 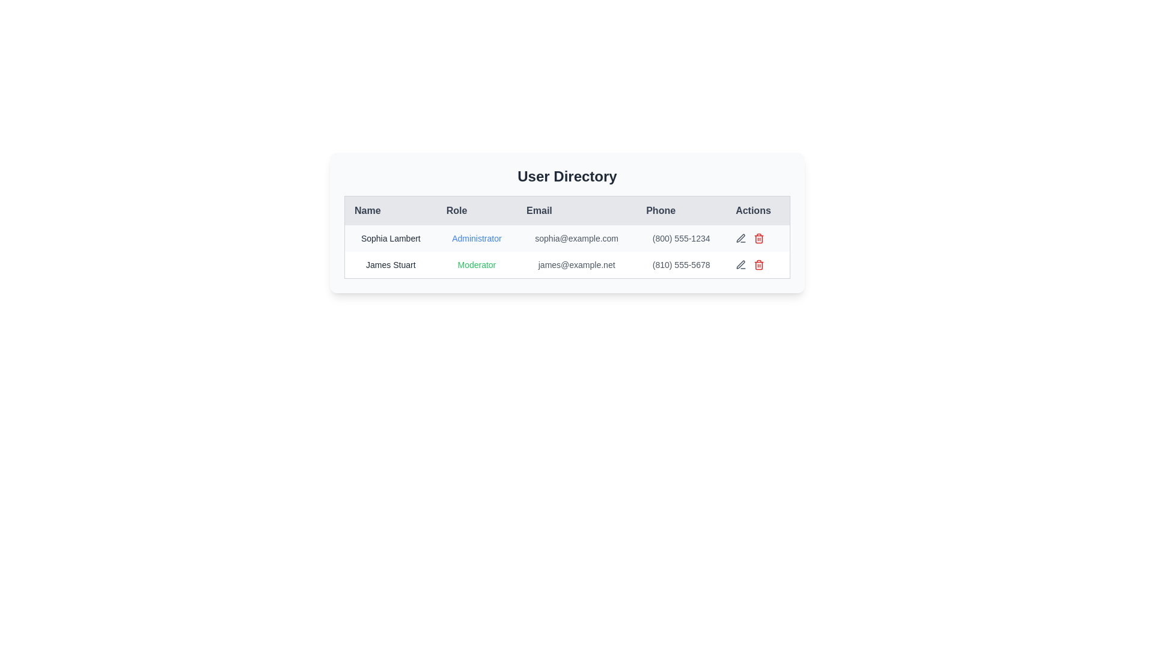 What do you see at coordinates (567, 176) in the screenshot?
I see `the 'User Directory' heading element, which serves as the title for the user data card located at the top center` at bounding box center [567, 176].